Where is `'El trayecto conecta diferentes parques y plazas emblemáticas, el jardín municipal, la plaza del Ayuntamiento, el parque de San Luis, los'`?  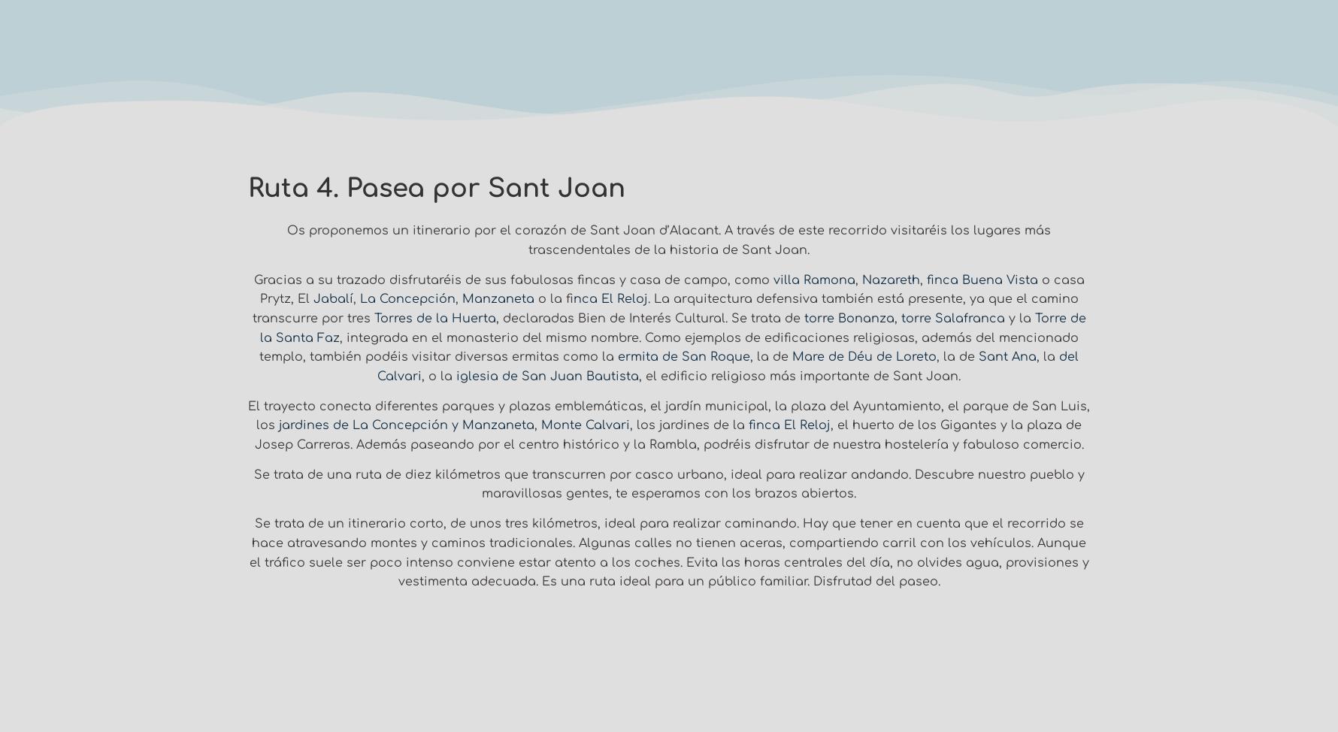
'El trayecto conecta diferentes parques y plazas emblemáticas, el jardín municipal, la plaza del Ayuntamiento, el parque de San Luis, los' is located at coordinates (669, 416).